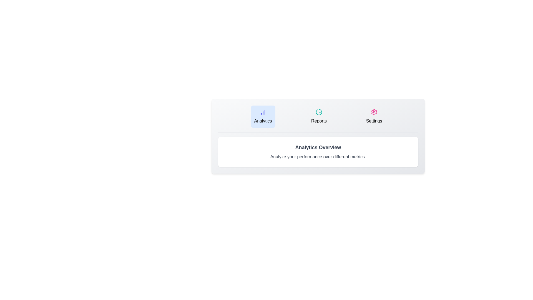 Image resolution: width=533 pixels, height=300 pixels. Describe the element at coordinates (319, 116) in the screenshot. I see `the tab labeled Reports to switch to its content` at that location.